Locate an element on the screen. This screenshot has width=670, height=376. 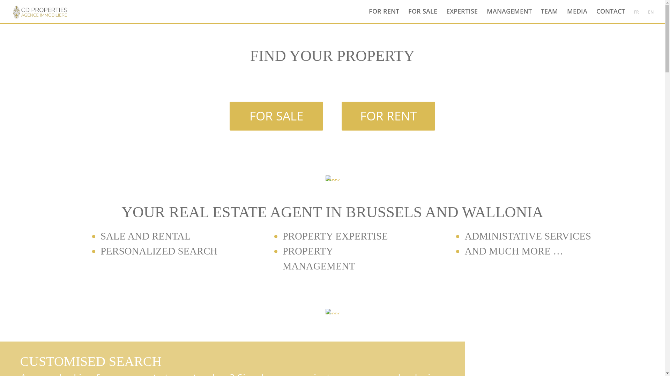
'FOR RENT' is located at coordinates (388, 116).